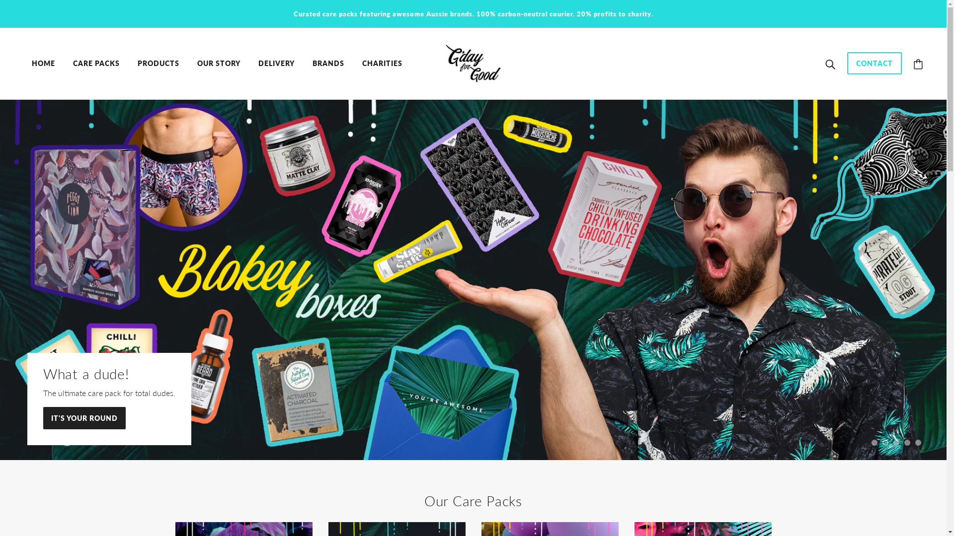  Describe the element at coordinates (304, 63) in the screenshot. I see `'BRANDS'` at that location.